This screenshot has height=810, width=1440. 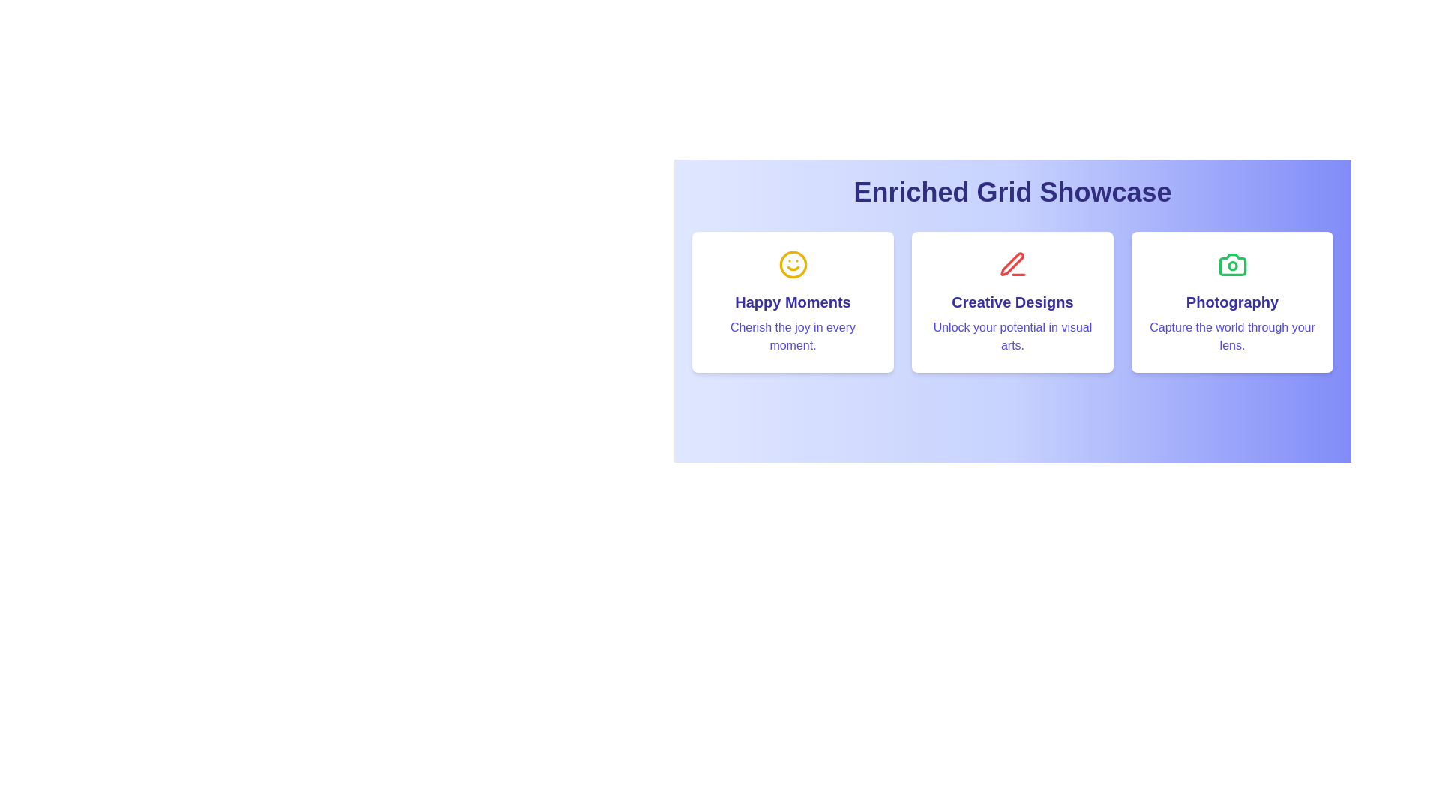 What do you see at coordinates (1012, 301) in the screenshot?
I see `on the Card element in the grid layout` at bounding box center [1012, 301].